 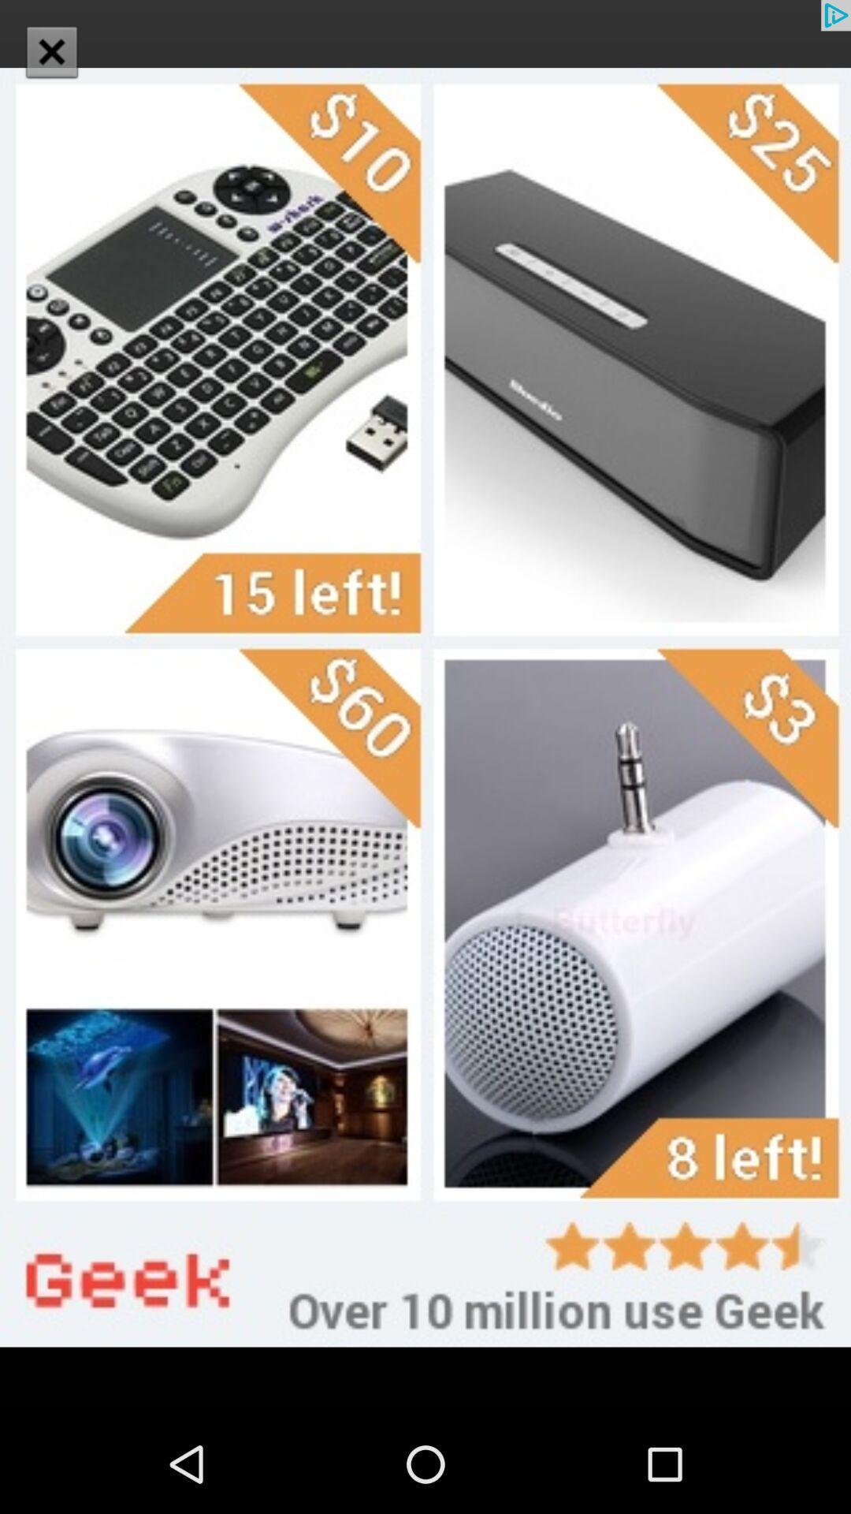 What do you see at coordinates (50, 55) in the screenshot?
I see `the close icon` at bounding box center [50, 55].